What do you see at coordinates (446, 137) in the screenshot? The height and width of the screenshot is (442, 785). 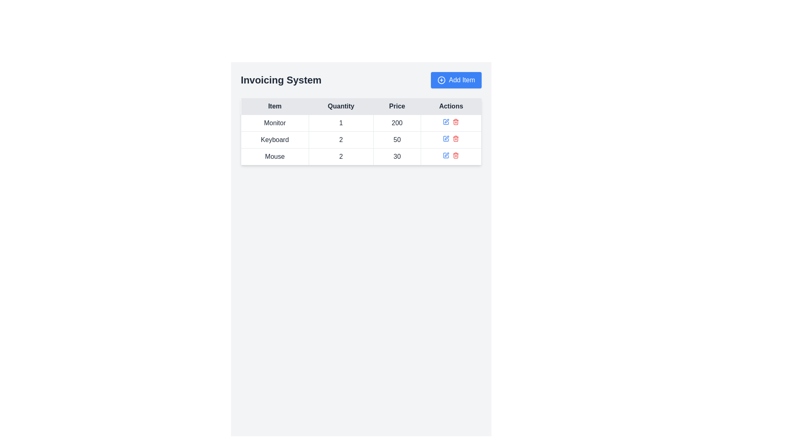 I see `the editing action icon in the 'Actions' column for the 'Keyboard' item, located next to the trash can icon` at bounding box center [446, 137].